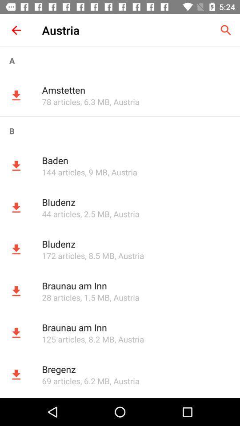 This screenshot has width=240, height=426. Describe the element at coordinates (60, 102) in the screenshot. I see `the app below the amstetten item` at that location.